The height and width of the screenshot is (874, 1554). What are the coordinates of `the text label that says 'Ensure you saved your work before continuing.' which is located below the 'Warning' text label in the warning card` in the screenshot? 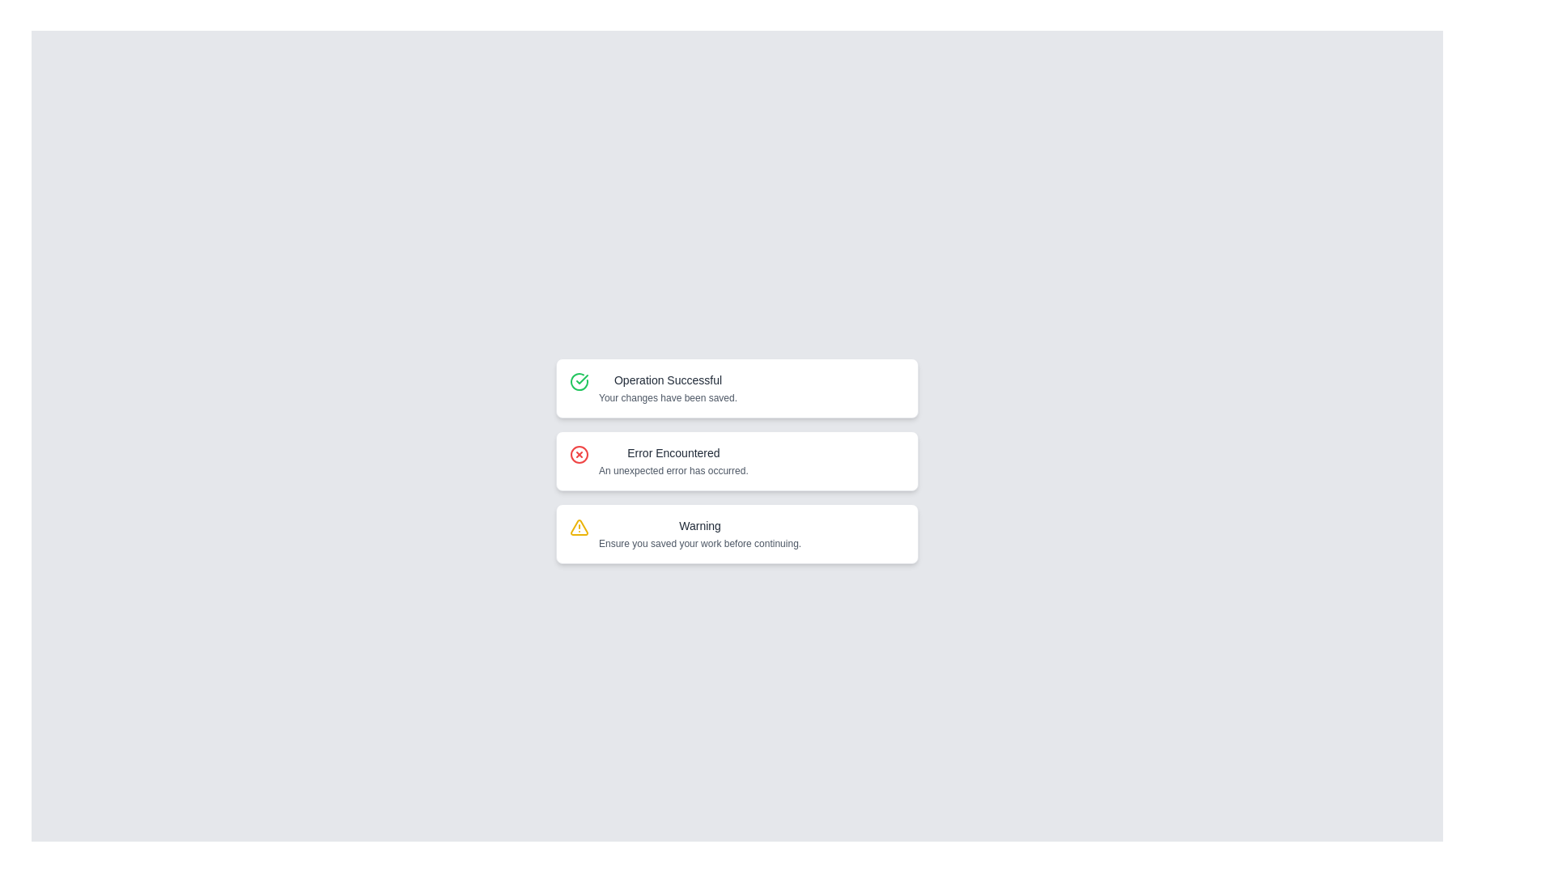 It's located at (700, 543).